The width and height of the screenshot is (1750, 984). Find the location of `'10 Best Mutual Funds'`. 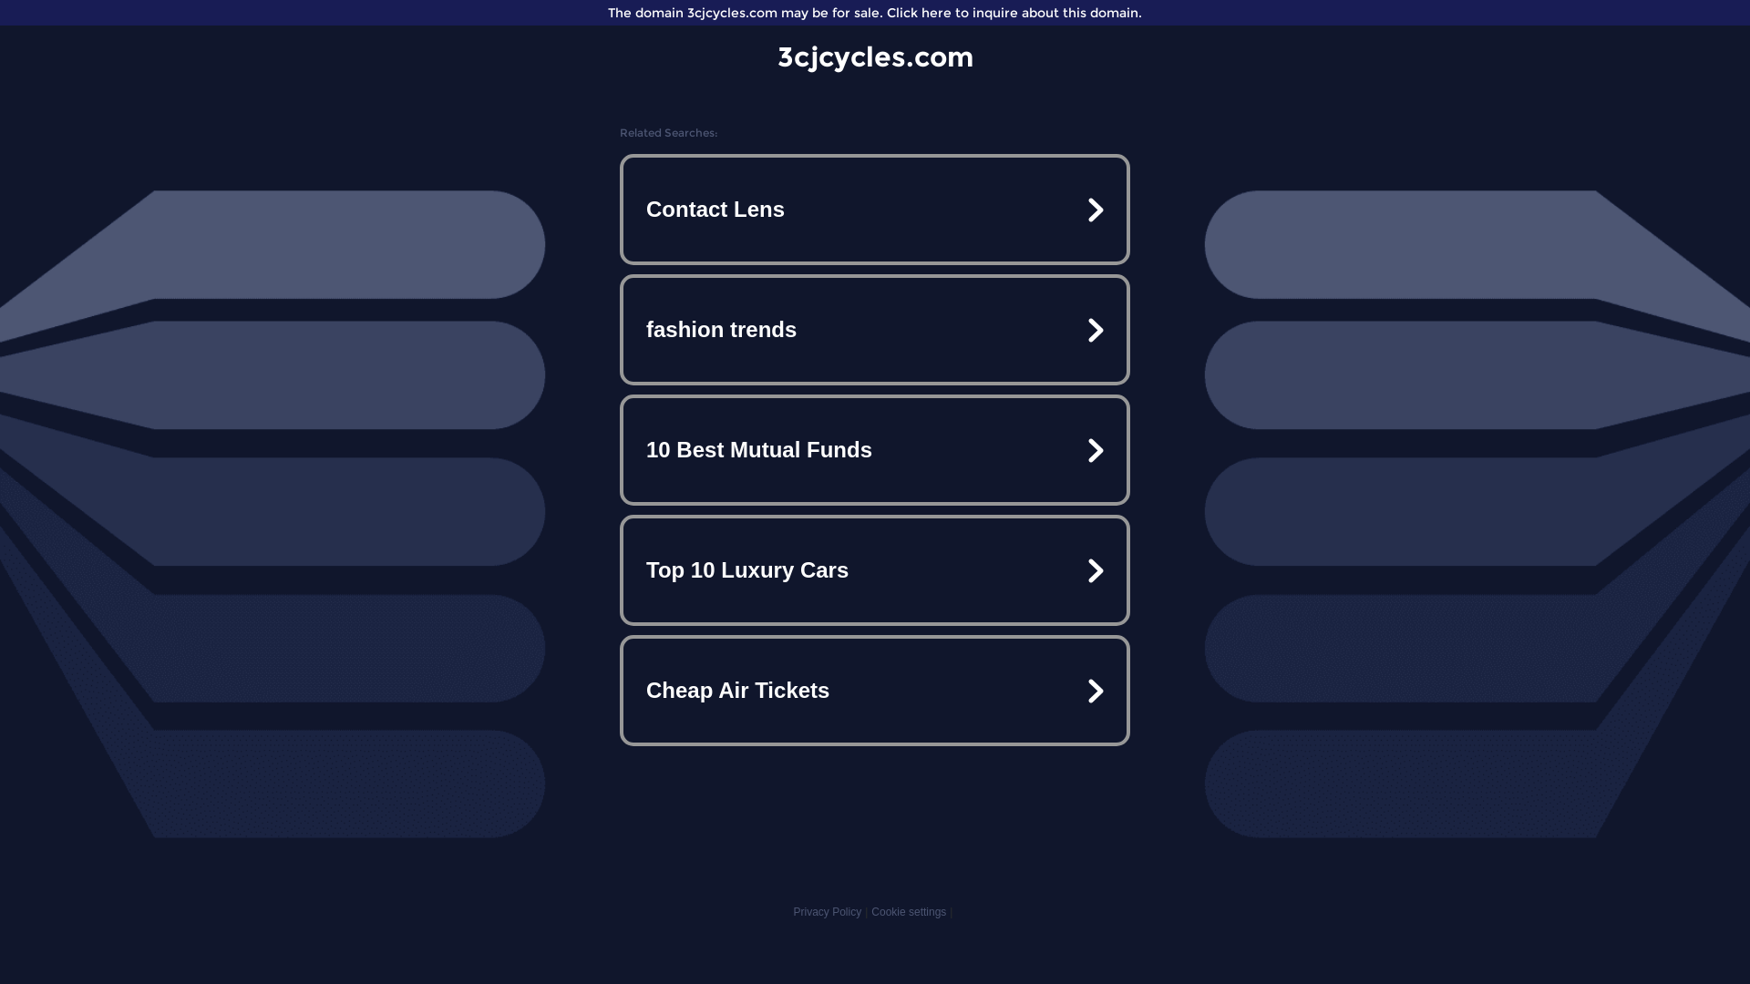

'10 Best Mutual Funds' is located at coordinates (875, 449).